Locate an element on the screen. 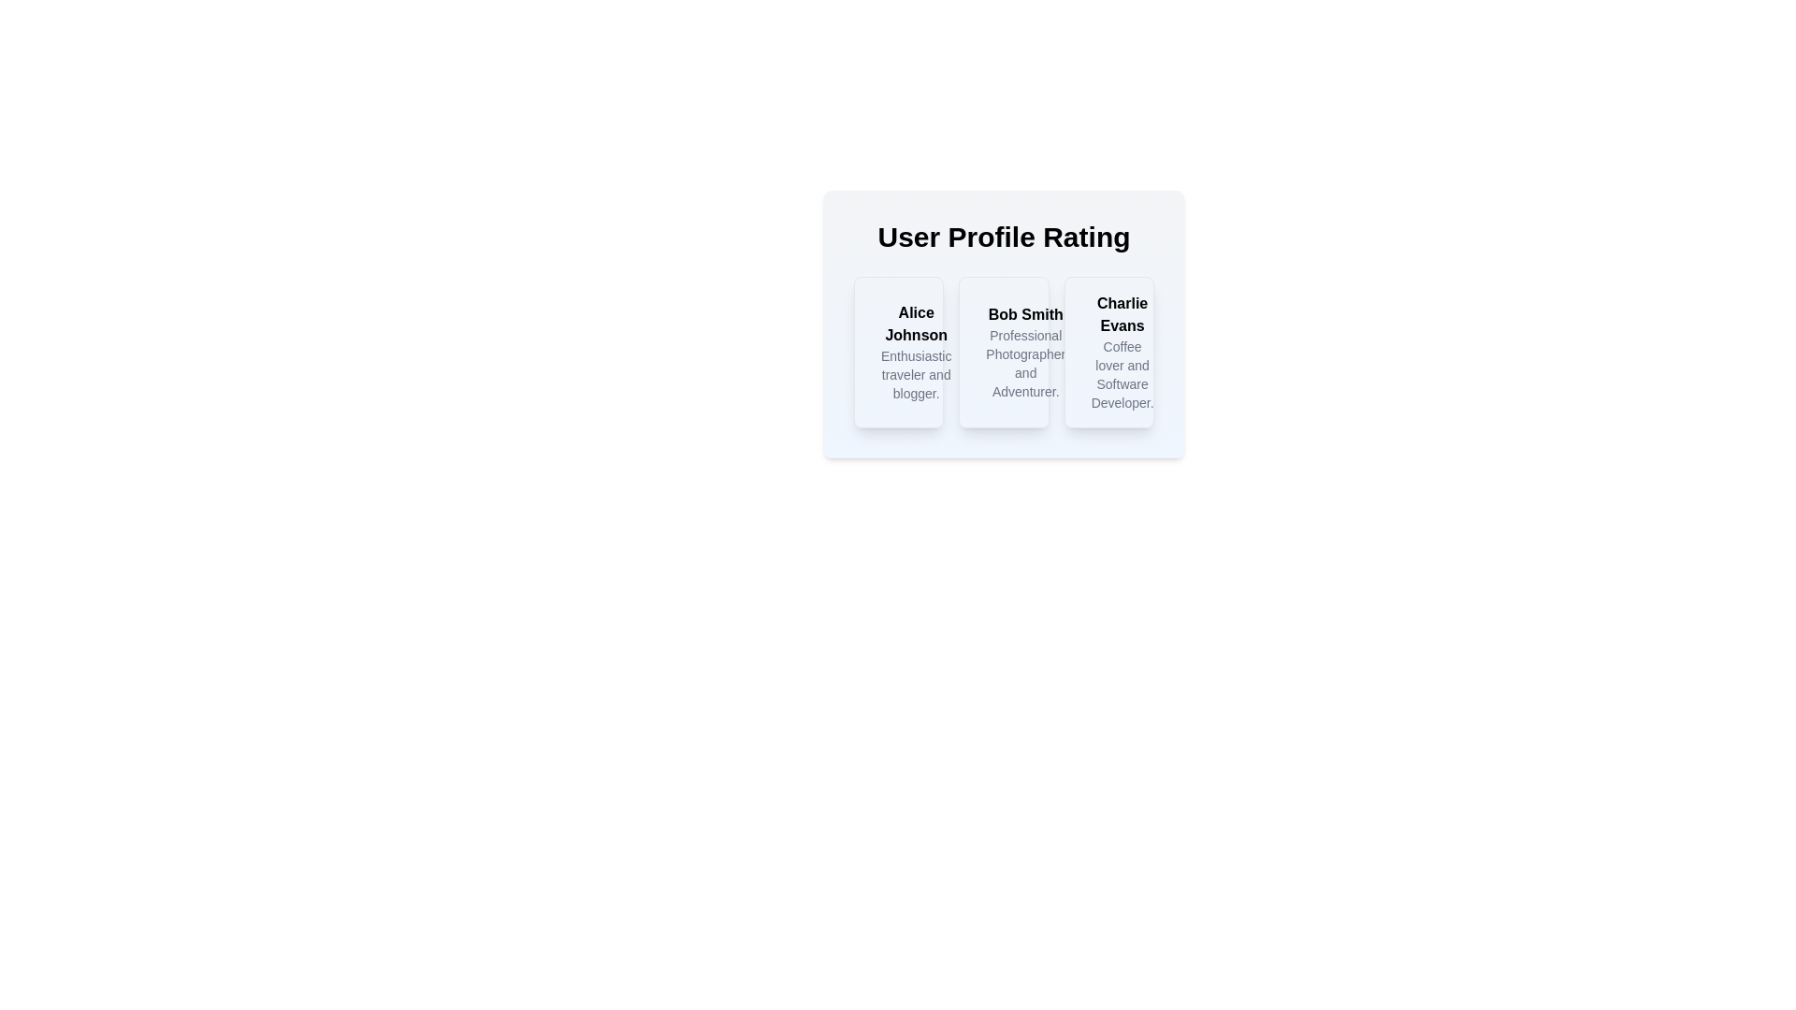  text from the Text Label displaying 'Bob Smith' and 'Professional Photographer and Adventurer.' located in the center column of the layout is located at coordinates (1024, 353).